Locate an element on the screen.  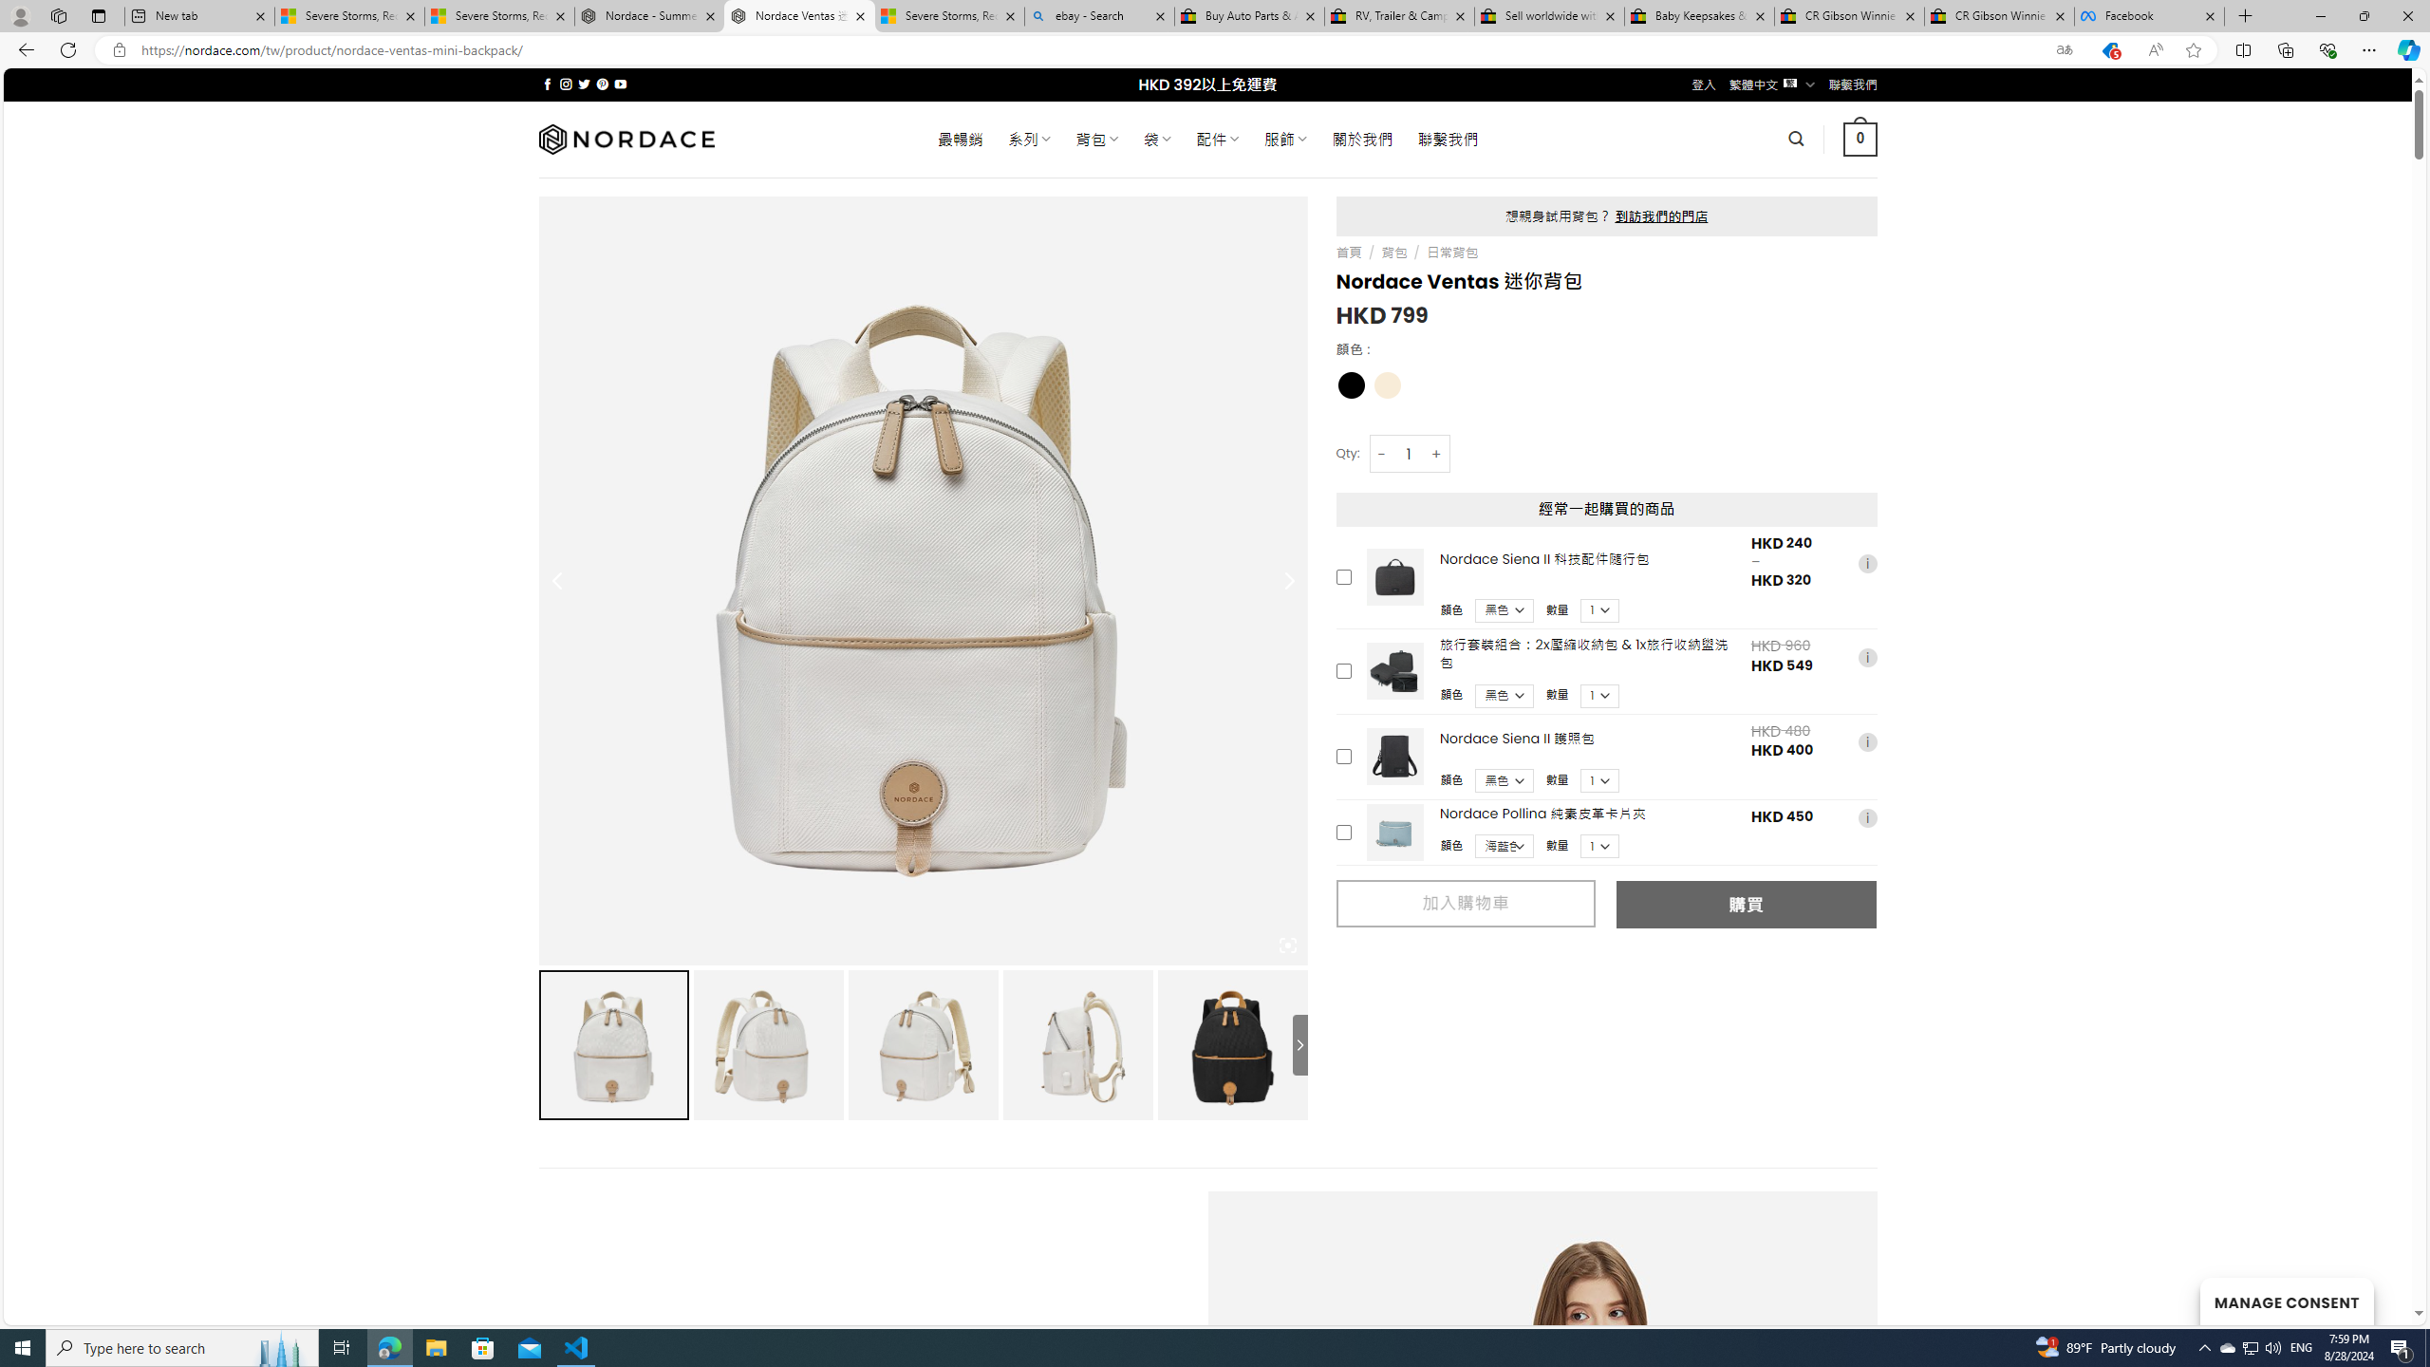
'i' is located at coordinates (1866, 817).